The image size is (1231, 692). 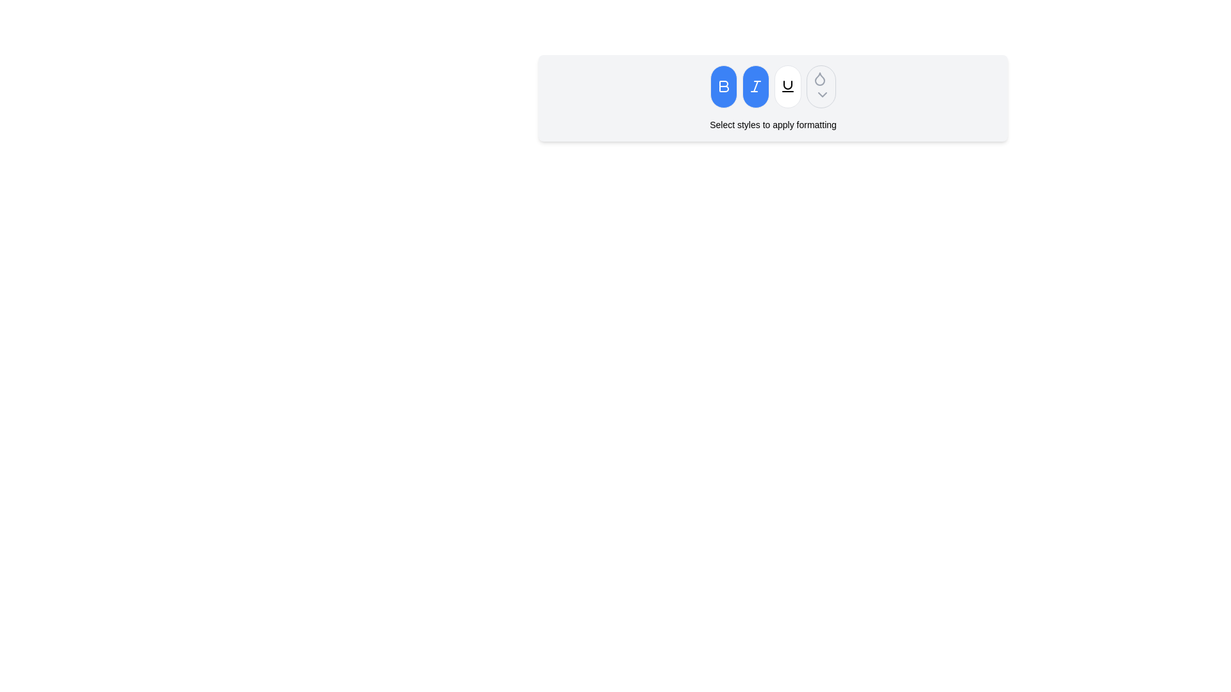 I want to click on the drop-shaped icon resembling a water droplet located at the center of the toolbar containing formatting options, so click(x=819, y=79).